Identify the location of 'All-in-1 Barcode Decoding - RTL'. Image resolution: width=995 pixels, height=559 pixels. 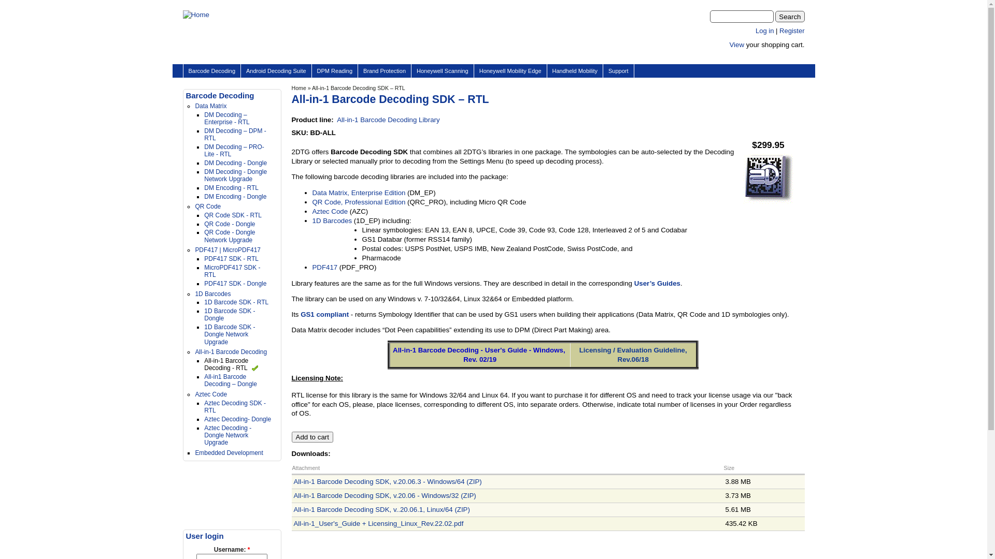
(230, 364).